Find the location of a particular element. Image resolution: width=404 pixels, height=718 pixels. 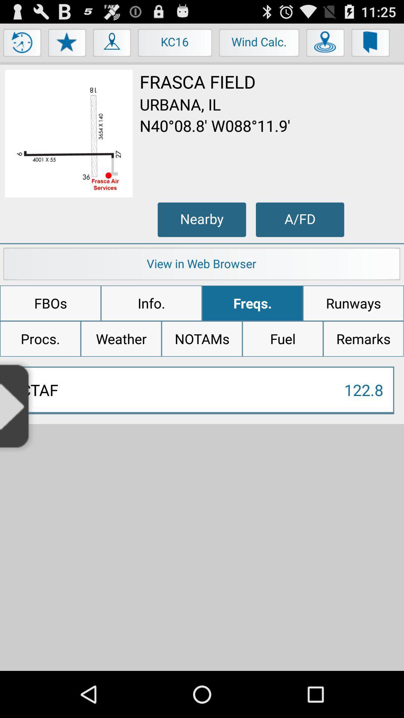

pinpoint location is located at coordinates (325, 44).